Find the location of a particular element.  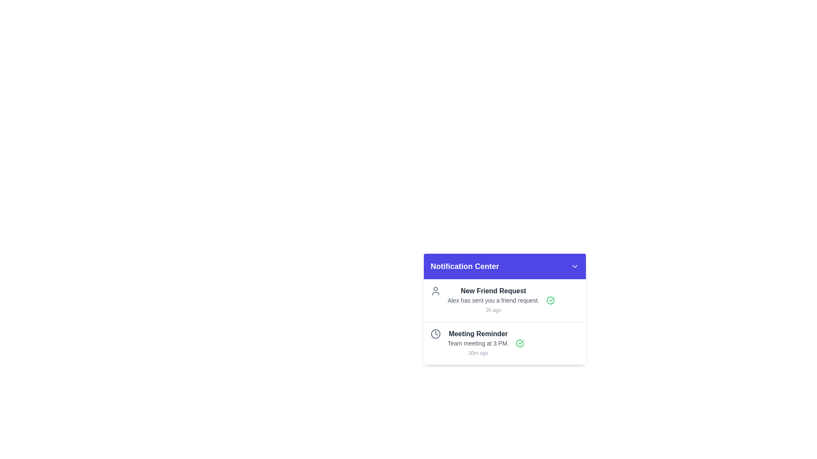

the acknowledgment icon located at the far right of the second notification item in the 'Notification Center' section, aligned with the 'Meeting Reminder' text is located at coordinates (519, 343).